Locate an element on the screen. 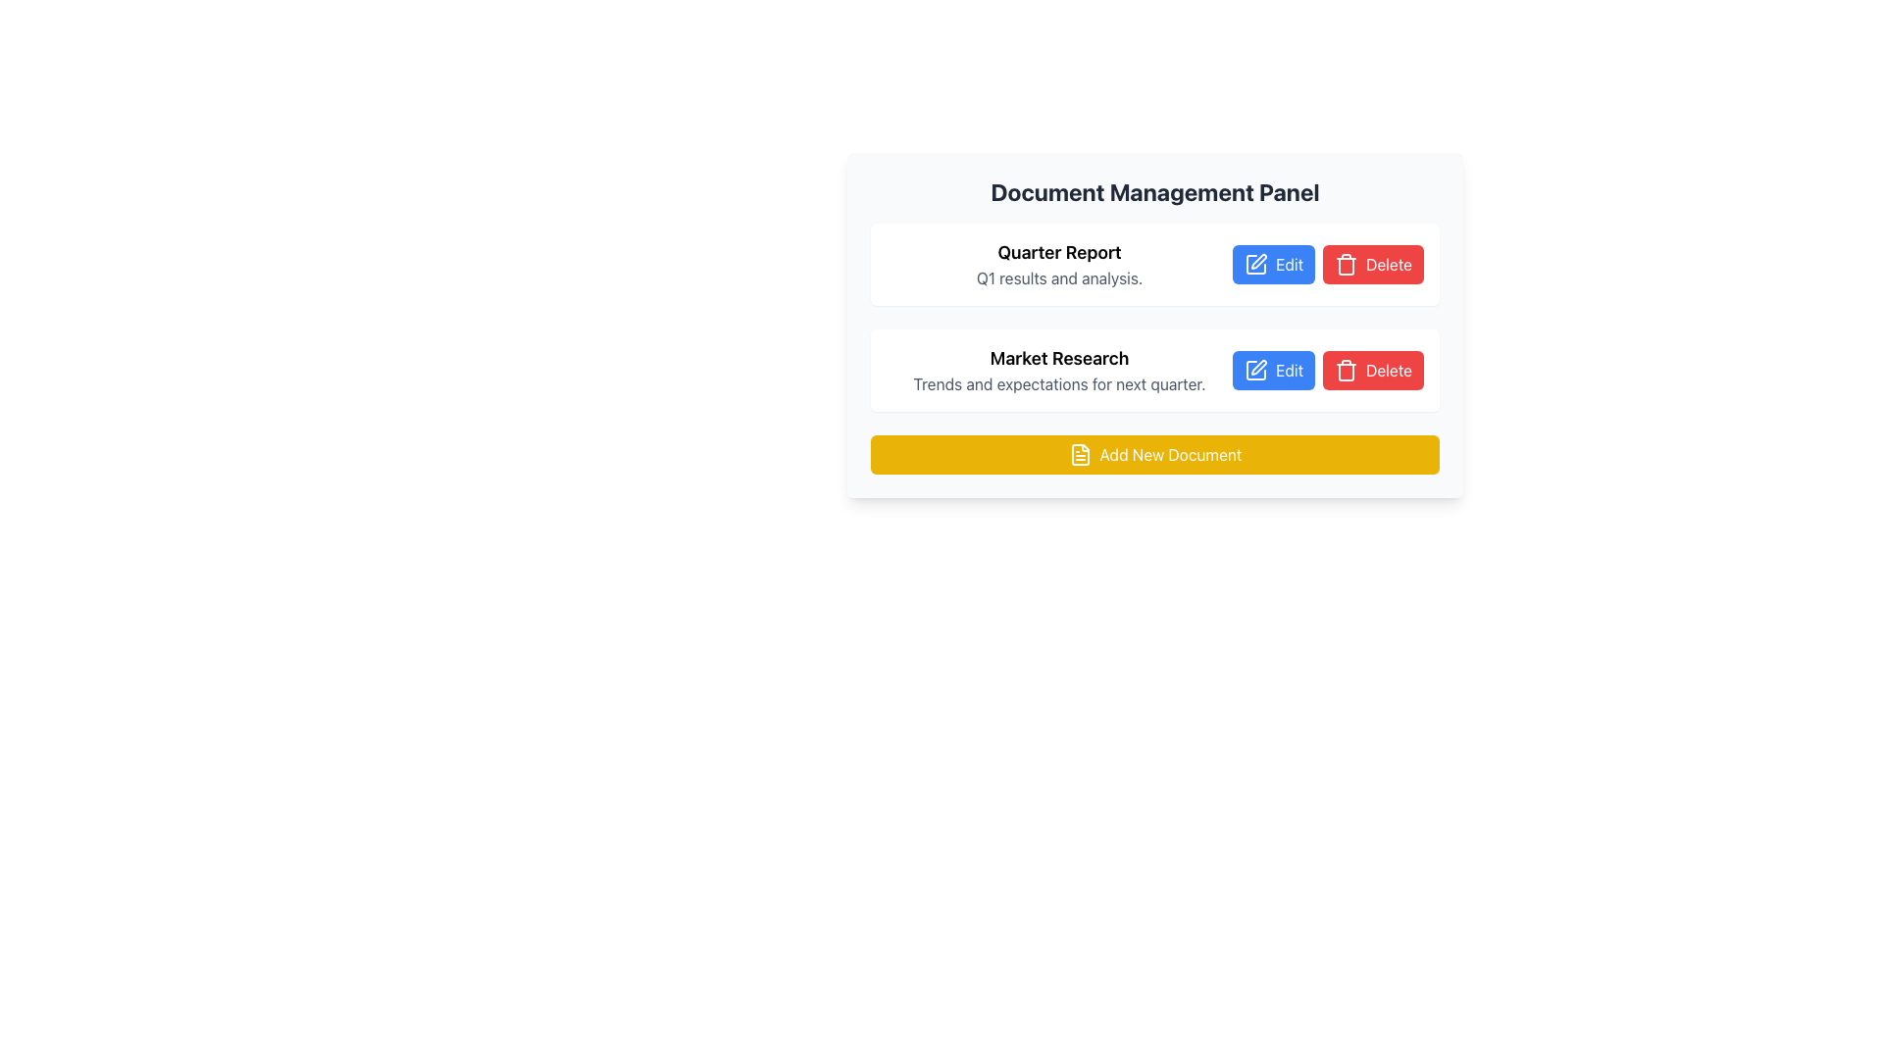  the red 'Delete' button with rounded corners that has white text and a trash can icon, located in the second row of the button group is located at coordinates (1372, 371).